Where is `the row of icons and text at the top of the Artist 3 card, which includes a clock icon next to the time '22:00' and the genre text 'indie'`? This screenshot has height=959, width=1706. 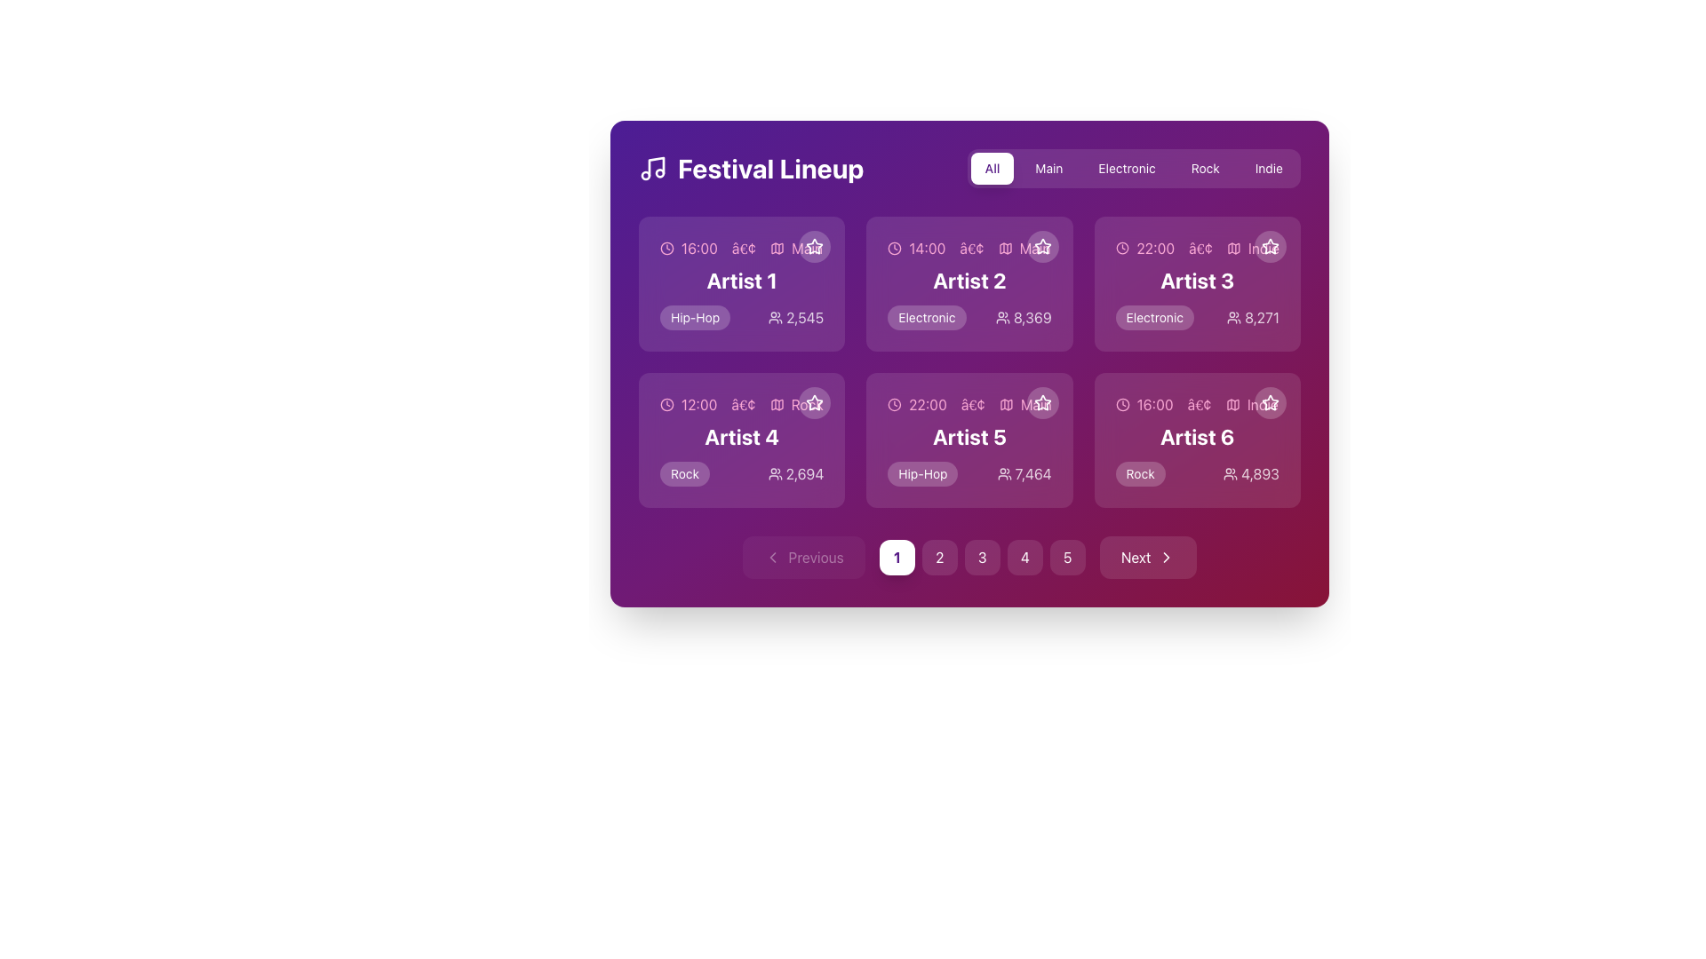
the row of icons and text at the top of the Artist 3 card, which includes a clock icon next to the time '22:00' and the genre text 'indie' is located at coordinates (1197, 249).